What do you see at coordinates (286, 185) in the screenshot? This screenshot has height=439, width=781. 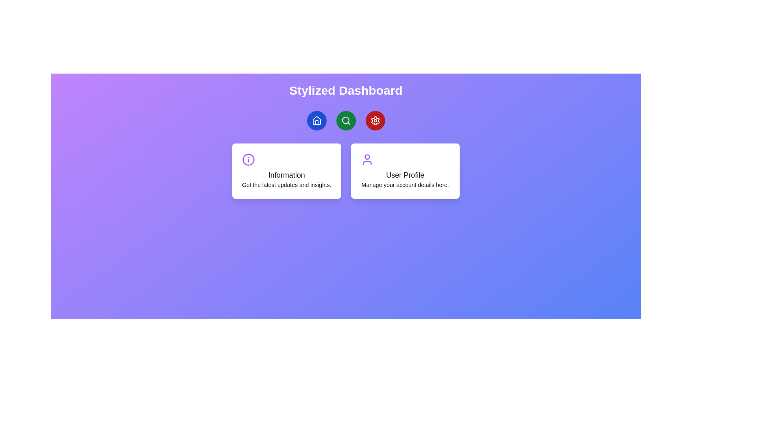 I see `text from the supplementary information Text Label located within the 'Information' card on the interface, positioned below the heading text` at bounding box center [286, 185].